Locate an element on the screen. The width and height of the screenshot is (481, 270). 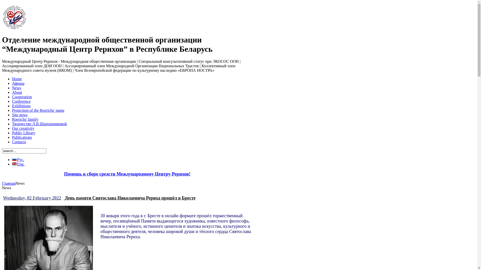
'Conference' is located at coordinates (21, 101).